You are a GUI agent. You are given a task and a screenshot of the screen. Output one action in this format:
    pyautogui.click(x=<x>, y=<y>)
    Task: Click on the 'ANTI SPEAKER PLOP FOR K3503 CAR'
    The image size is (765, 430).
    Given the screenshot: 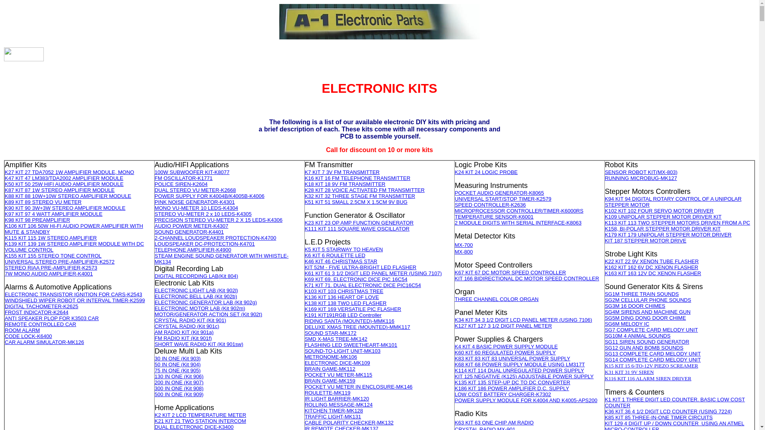 What is the action you would take?
    pyautogui.click(x=51, y=318)
    